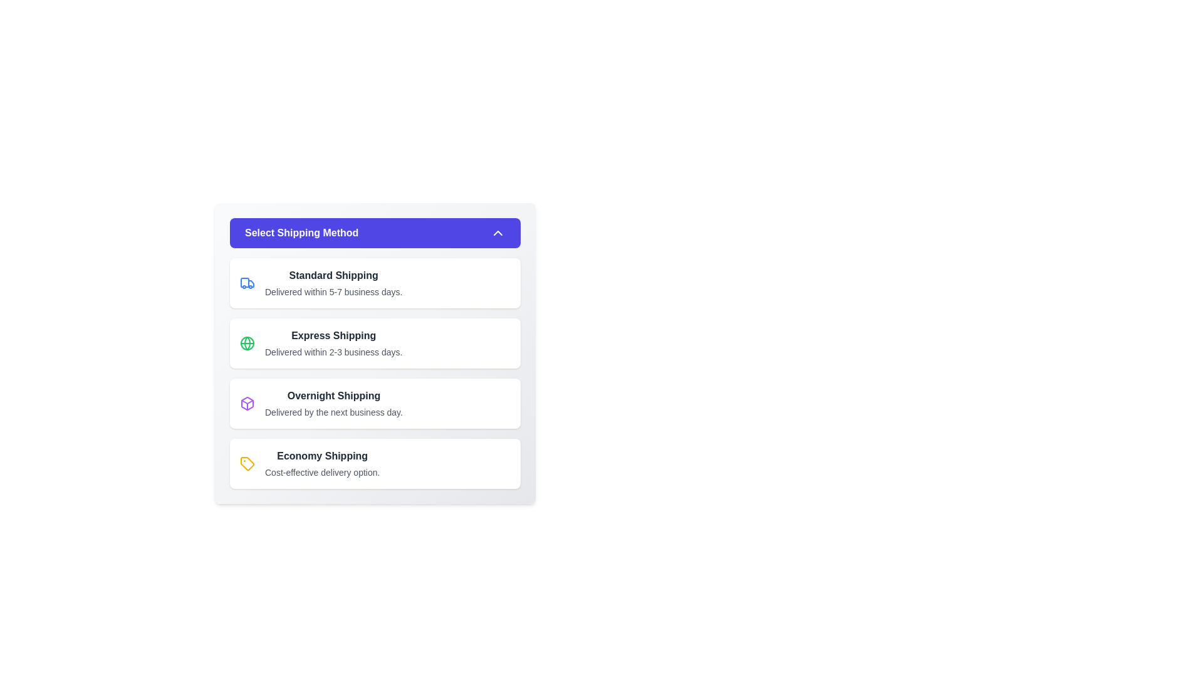 Image resolution: width=1203 pixels, height=677 pixels. What do you see at coordinates (333, 396) in the screenshot?
I see `the text label for 'Overnight Shipping', which serves as the title for the third shipping option, positioned above the text 'Delivered by the next business day.'` at bounding box center [333, 396].